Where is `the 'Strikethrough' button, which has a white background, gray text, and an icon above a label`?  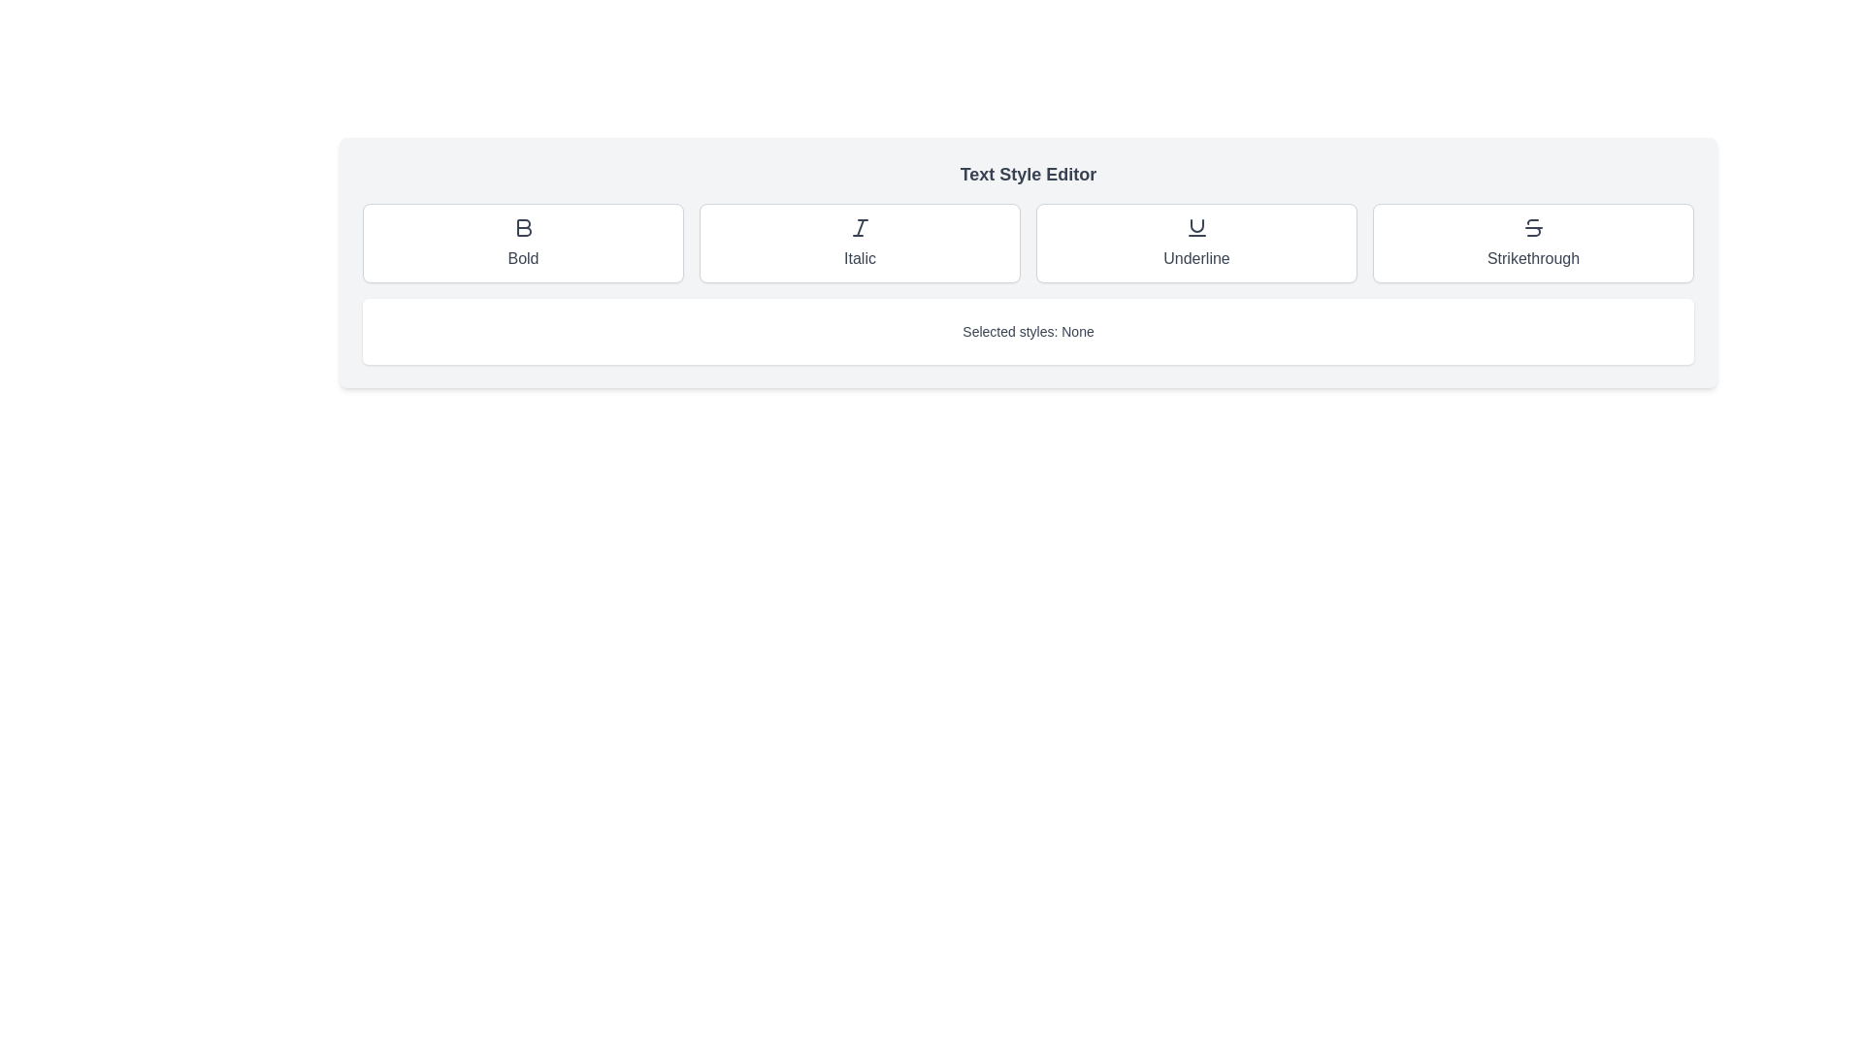
the 'Strikethrough' button, which has a white background, gray text, and an icon above a label is located at coordinates (1532, 242).